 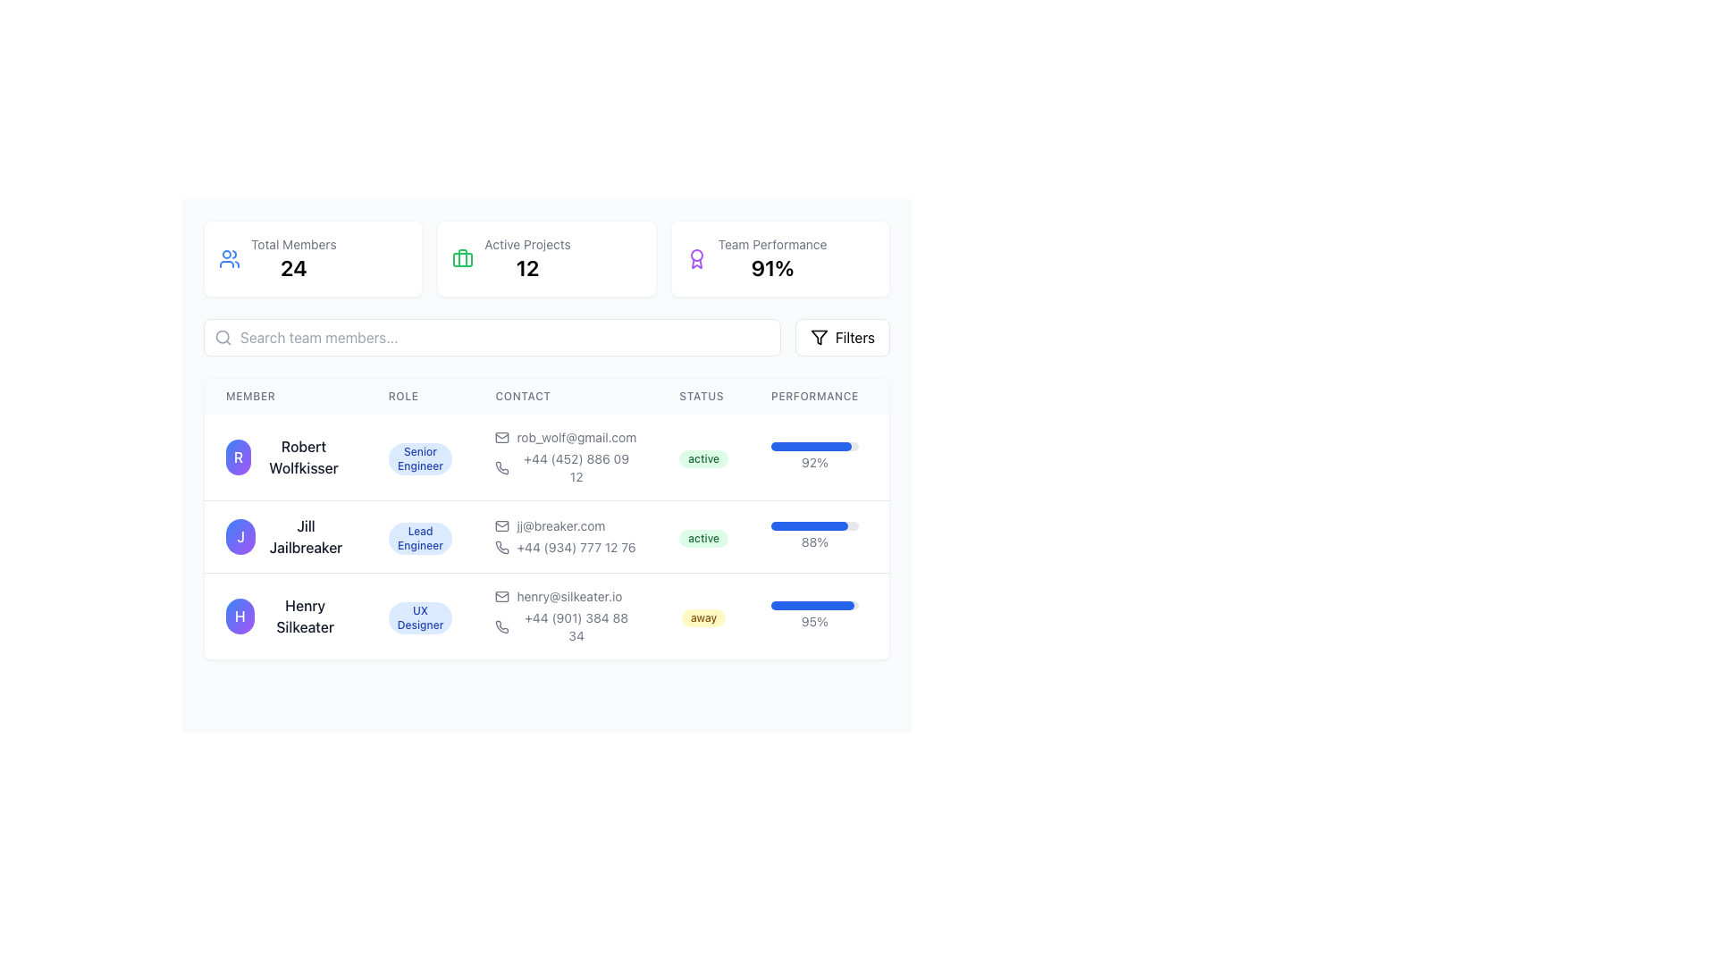 What do you see at coordinates (501, 596) in the screenshot?
I see `the rectangular base part of the envelope icon in the 'Contact' column associated with Henry Silkeater's email address` at bounding box center [501, 596].